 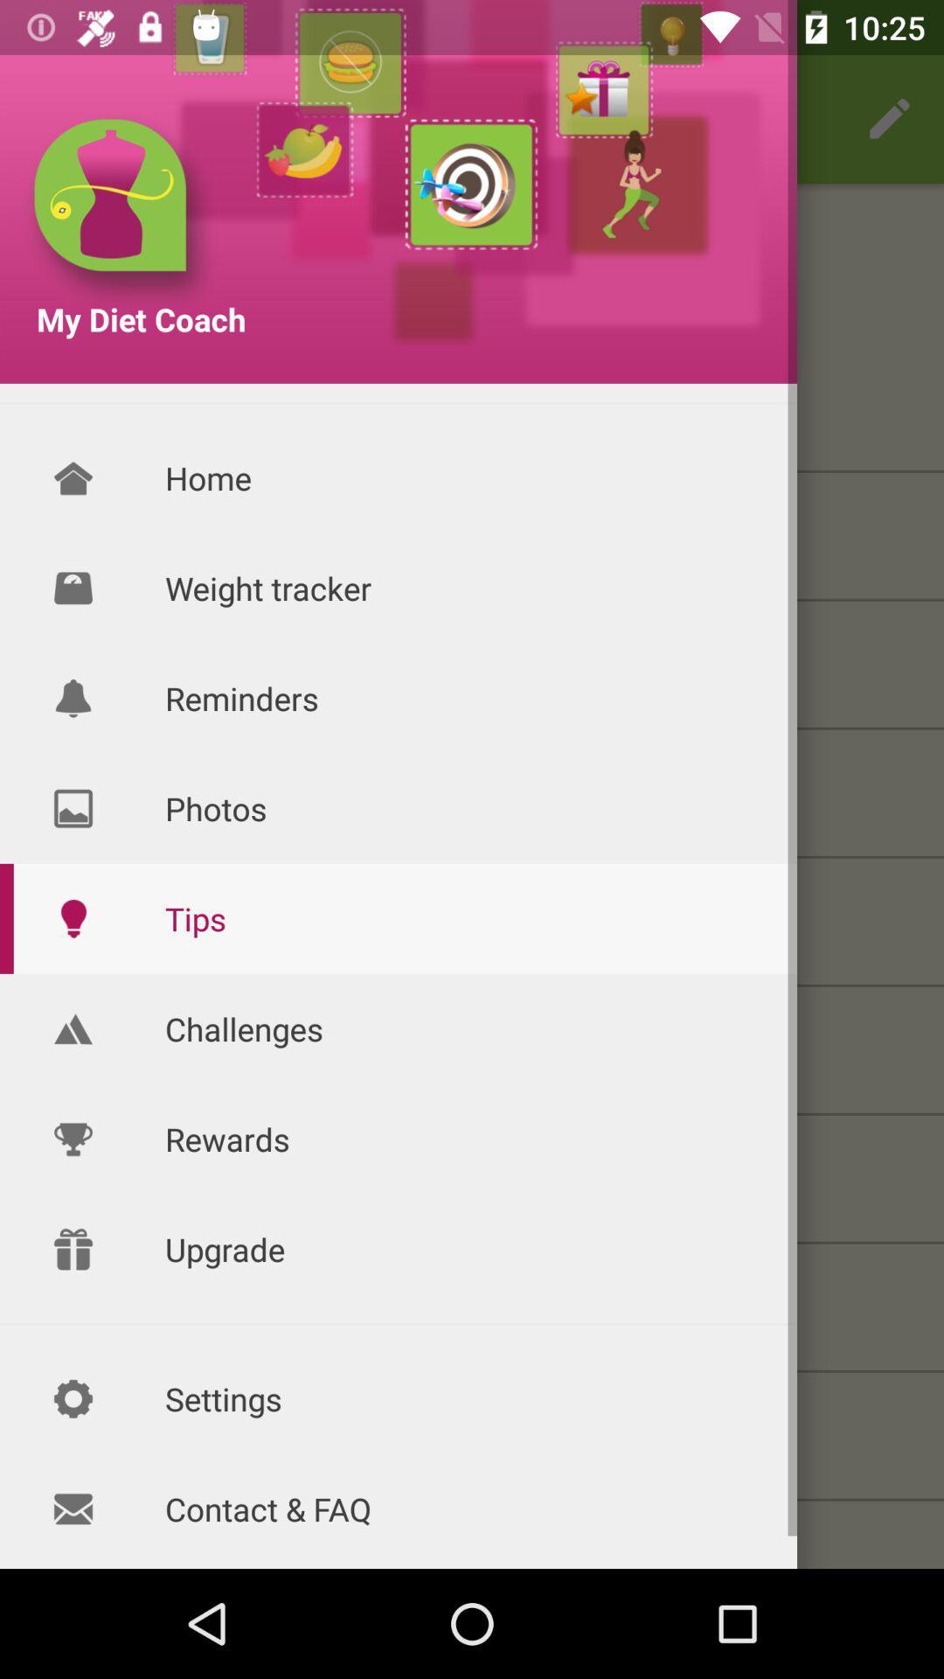 What do you see at coordinates (82, 1180) in the screenshot?
I see `the icon which is before rewards` at bounding box center [82, 1180].